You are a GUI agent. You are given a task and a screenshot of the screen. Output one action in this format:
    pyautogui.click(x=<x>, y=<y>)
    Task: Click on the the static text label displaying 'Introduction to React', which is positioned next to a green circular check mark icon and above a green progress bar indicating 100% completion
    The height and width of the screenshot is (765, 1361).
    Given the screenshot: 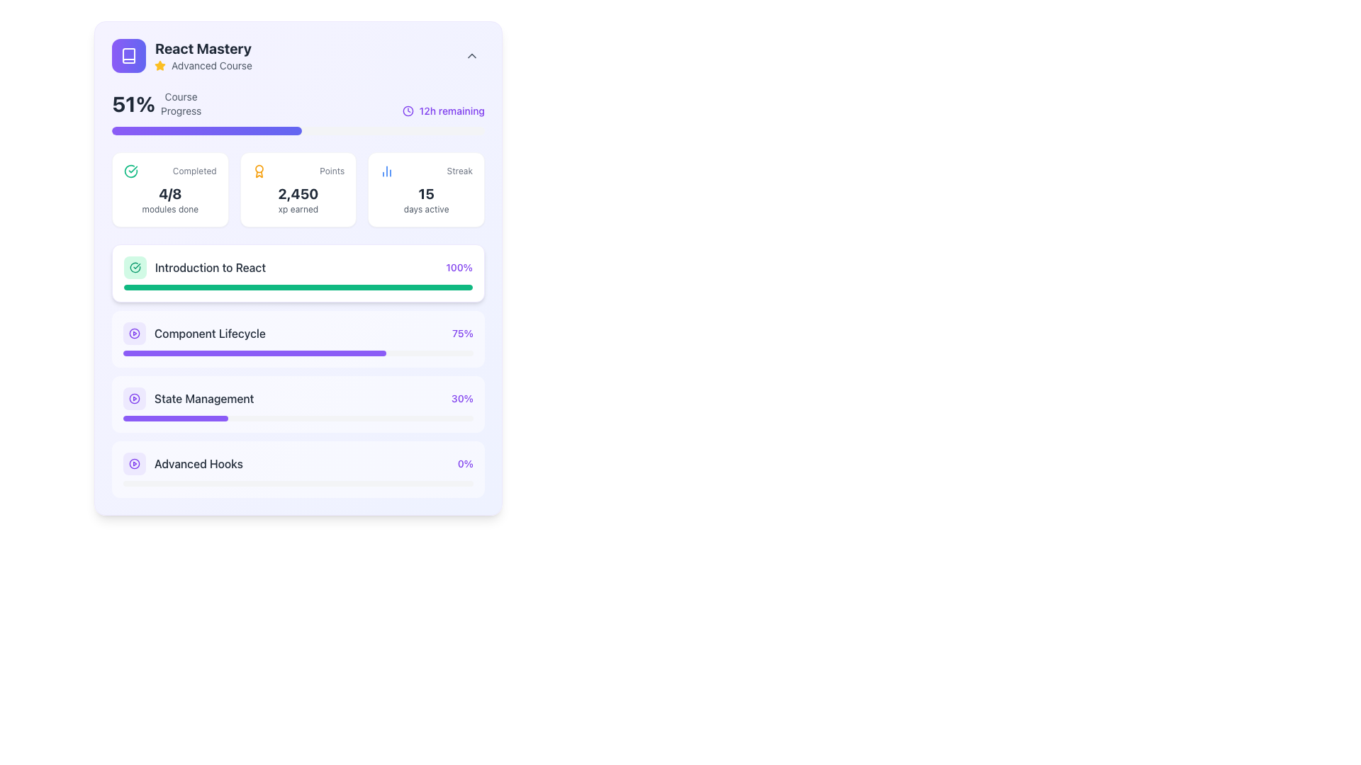 What is the action you would take?
    pyautogui.click(x=210, y=268)
    